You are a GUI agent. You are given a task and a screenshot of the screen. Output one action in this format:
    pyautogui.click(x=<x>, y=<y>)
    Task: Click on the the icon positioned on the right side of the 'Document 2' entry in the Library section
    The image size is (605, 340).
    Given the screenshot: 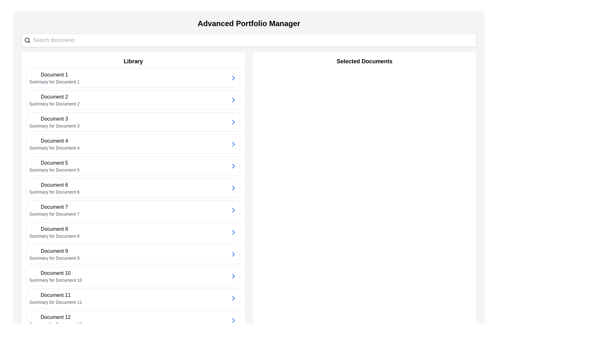 What is the action you would take?
    pyautogui.click(x=233, y=99)
    